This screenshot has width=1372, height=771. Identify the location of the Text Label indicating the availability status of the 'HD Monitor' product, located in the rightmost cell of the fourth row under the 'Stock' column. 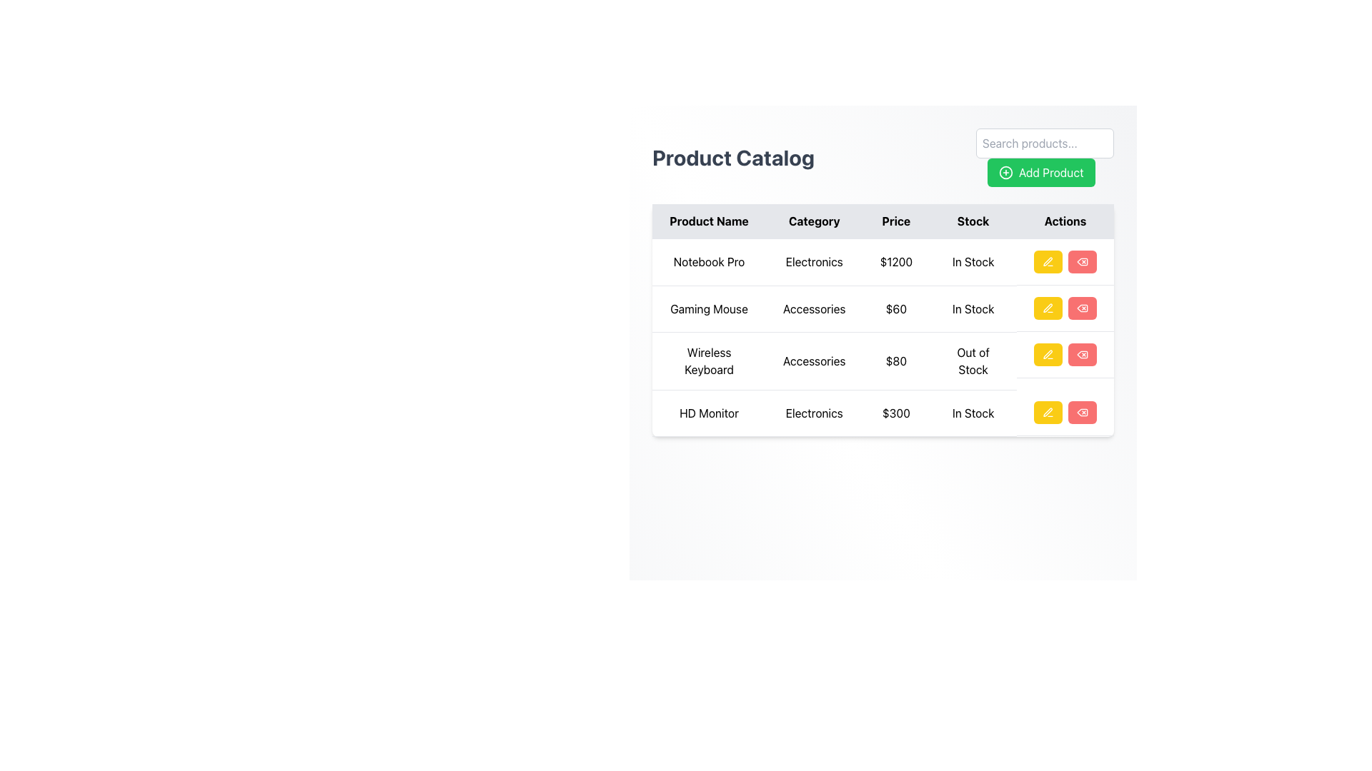
(973, 413).